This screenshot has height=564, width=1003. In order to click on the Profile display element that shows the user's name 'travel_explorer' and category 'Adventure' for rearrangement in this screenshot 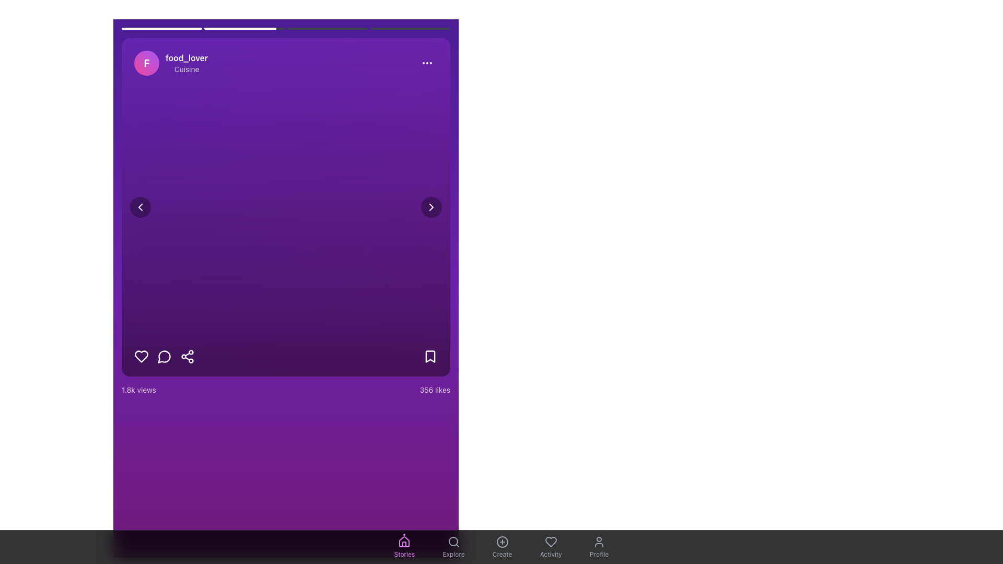, I will do `click(180, 63)`.